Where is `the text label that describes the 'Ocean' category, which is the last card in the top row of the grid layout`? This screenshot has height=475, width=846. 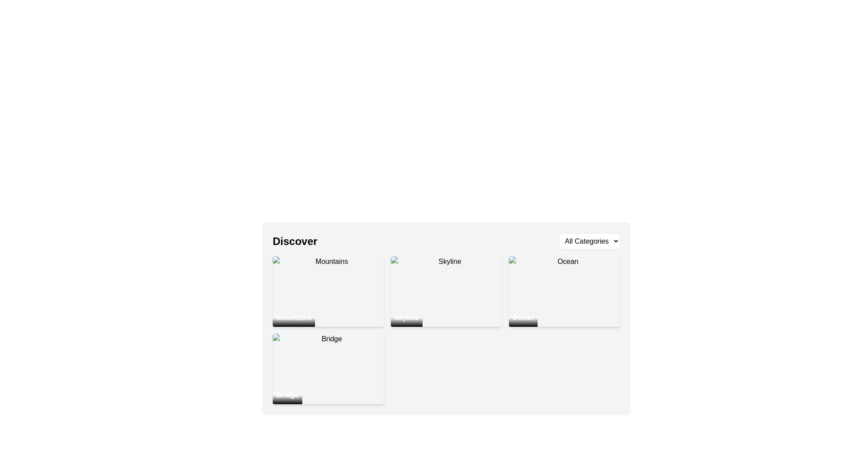 the text label that describes the 'Ocean' category, which is the last card in the top row of the grid layout is located at coordinates (523, 318).